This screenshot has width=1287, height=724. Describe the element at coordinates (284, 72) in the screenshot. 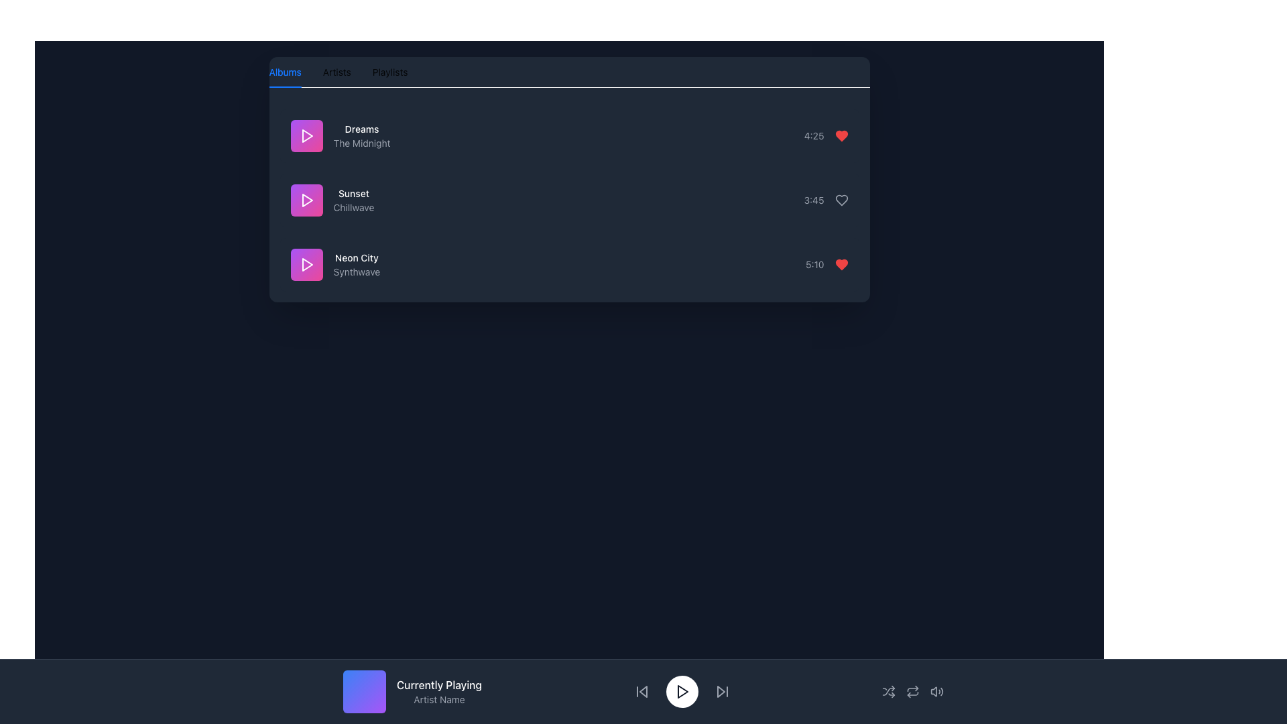

I see `the 'Albums' tab in the horizontal navigation bar` at that location.